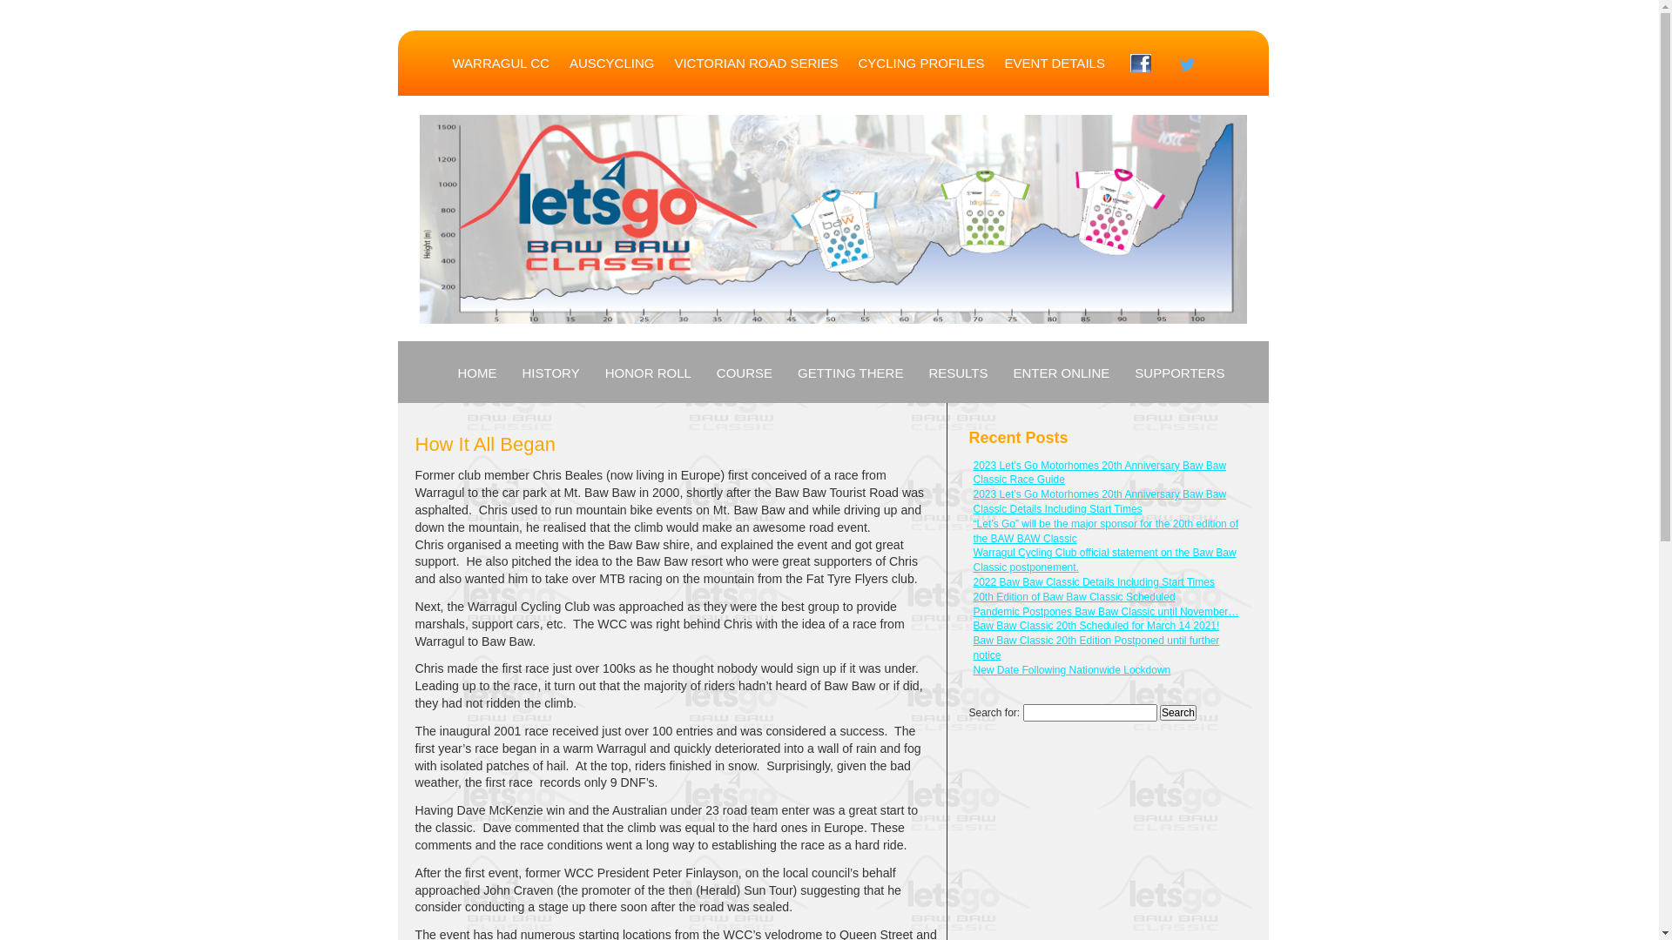 Image resolution: width=1672 pixels, height=940 pixels. Describe the element at coordinates (500, 62) in the screenshot. I see `'WARRAGUL CC'` at that location.